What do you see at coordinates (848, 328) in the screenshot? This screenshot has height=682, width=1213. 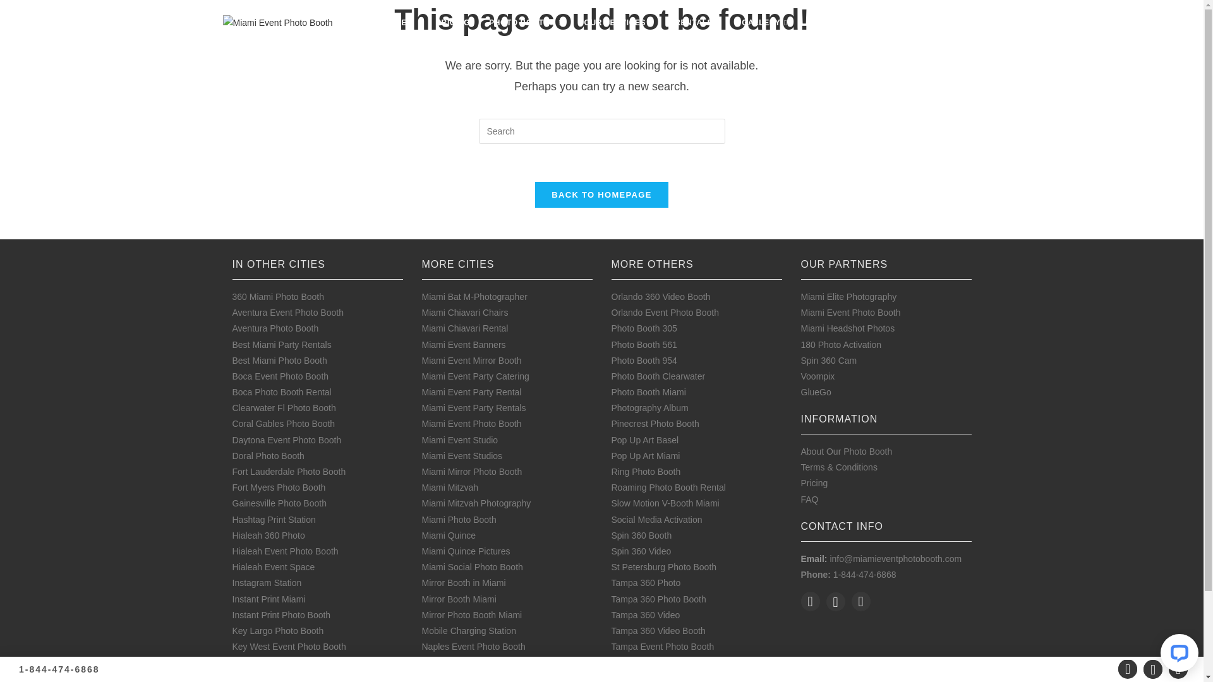 I see `'Miami Headshot Photos'` at bounding box center [848, 328].